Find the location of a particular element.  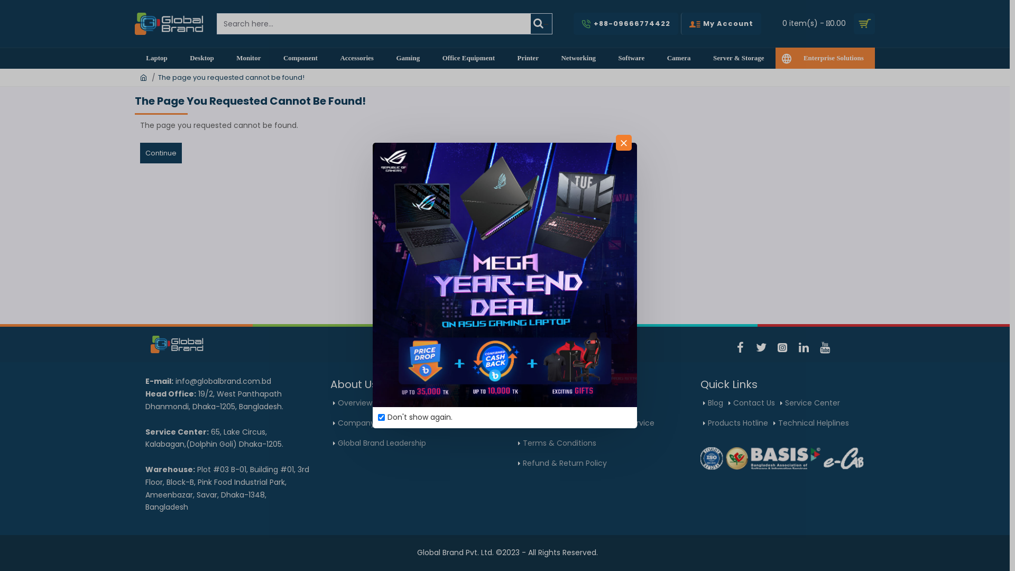

'Desktop' is located at coordinates (202, 58).